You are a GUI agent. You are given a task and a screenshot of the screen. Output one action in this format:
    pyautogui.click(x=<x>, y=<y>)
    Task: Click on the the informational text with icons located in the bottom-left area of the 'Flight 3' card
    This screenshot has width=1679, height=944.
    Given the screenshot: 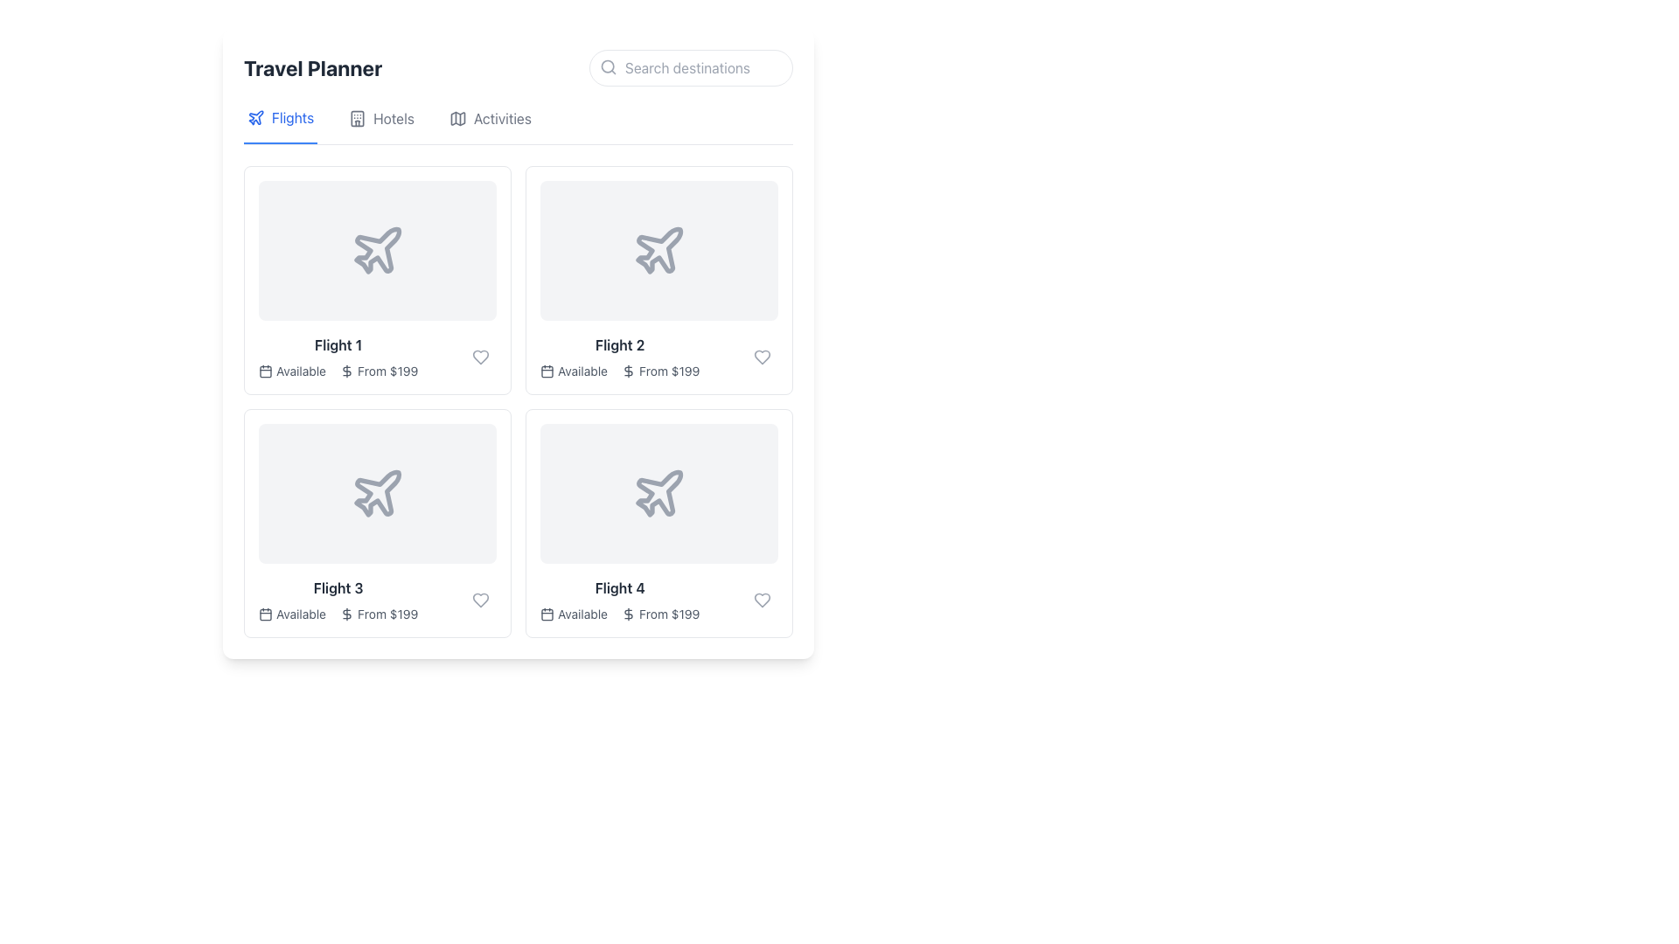 What is the action you would take?
    pyautogui.click(x=338, y=613)
    